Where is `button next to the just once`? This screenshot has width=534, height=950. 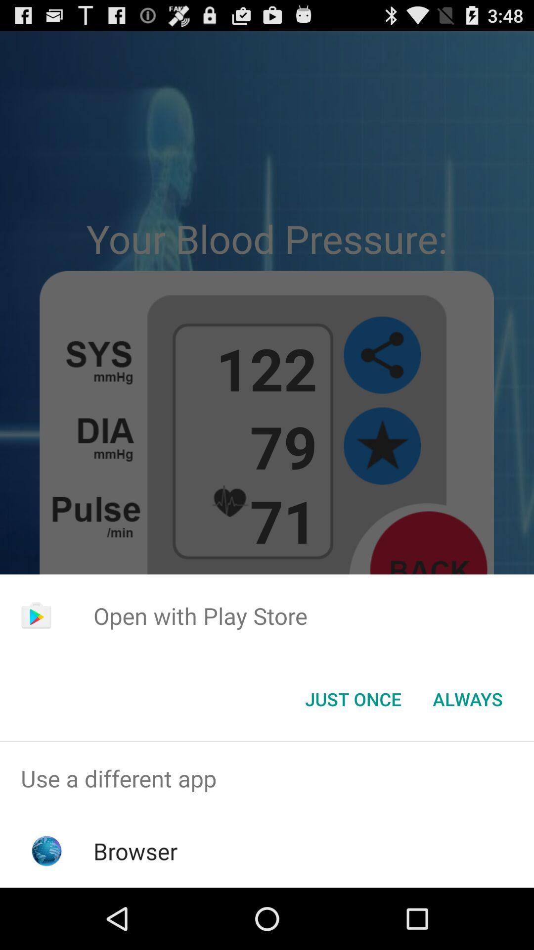
button next to the just once is located at coordinates (467, 698).